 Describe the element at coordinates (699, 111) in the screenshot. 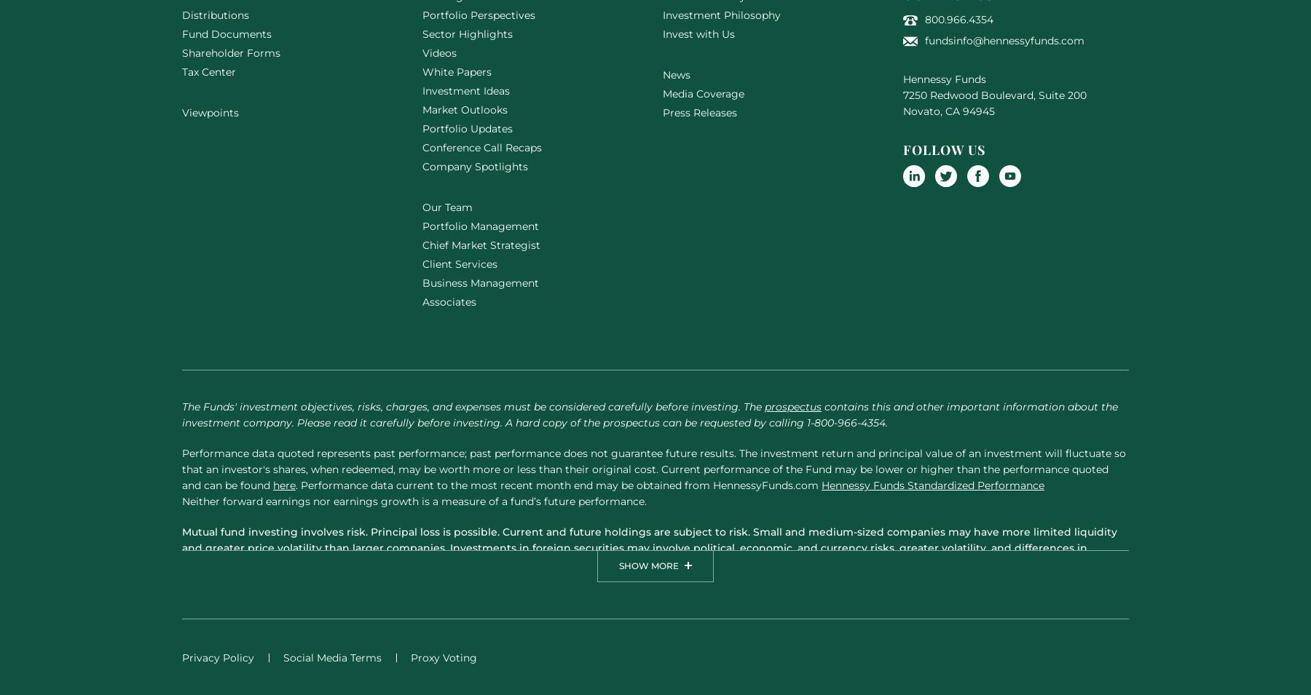

I see `'Press Releases'` at that location.